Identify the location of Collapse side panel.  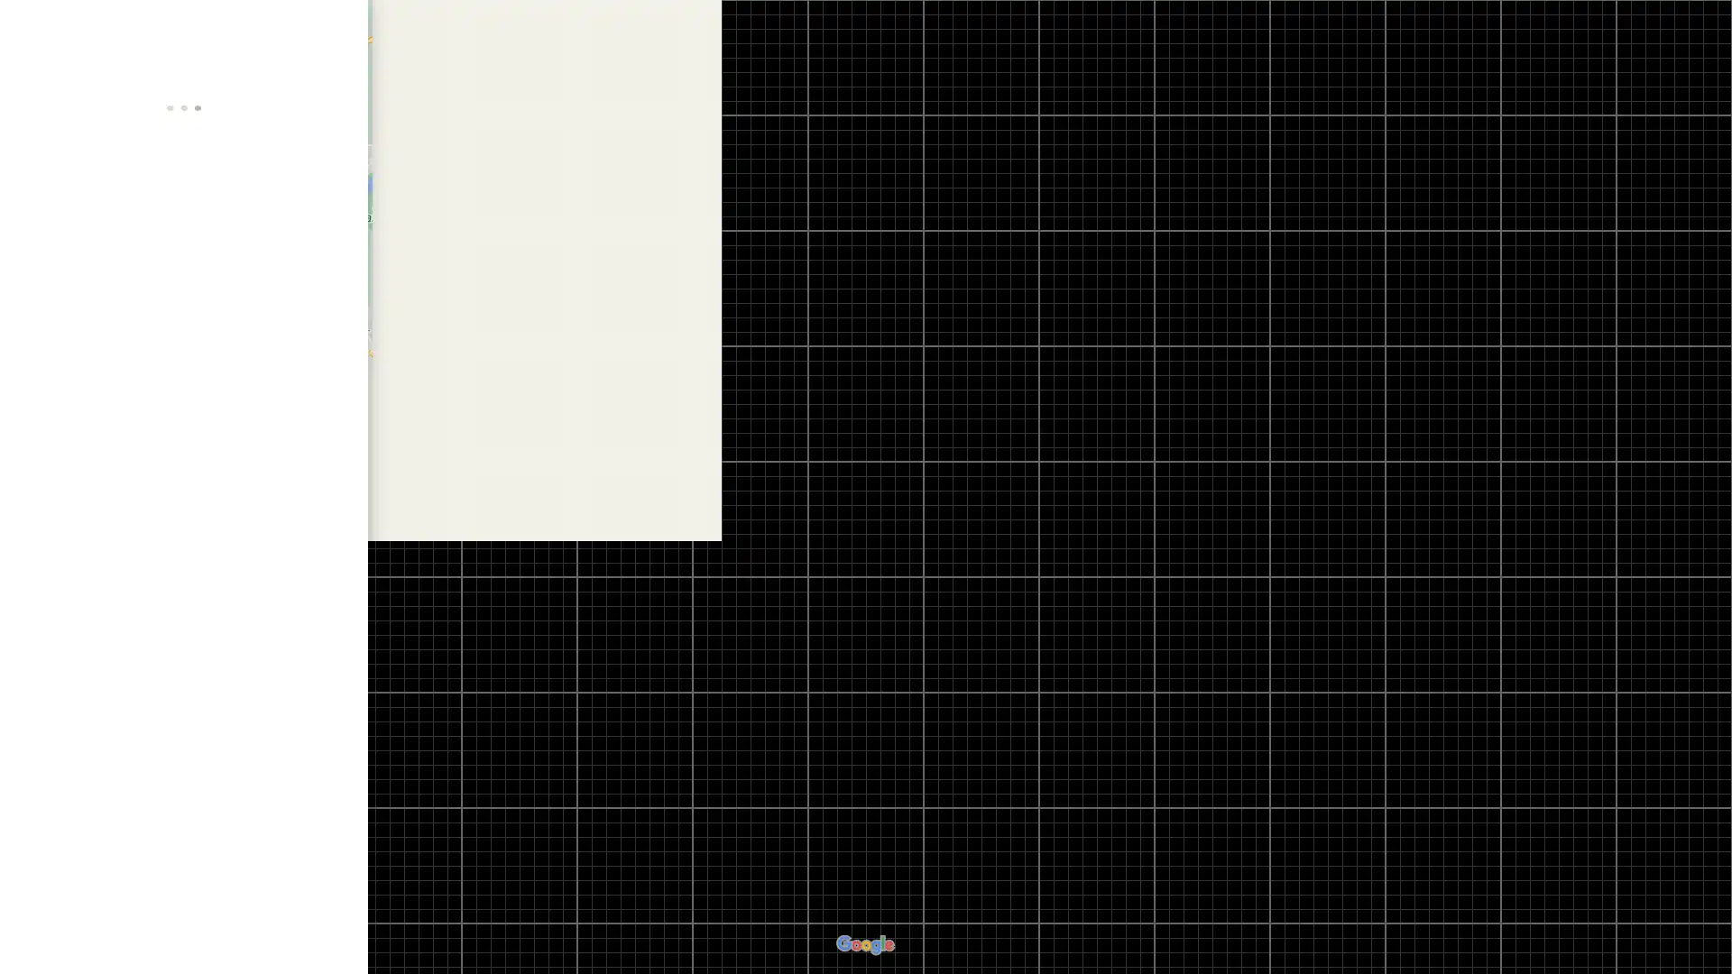
(377, 487).